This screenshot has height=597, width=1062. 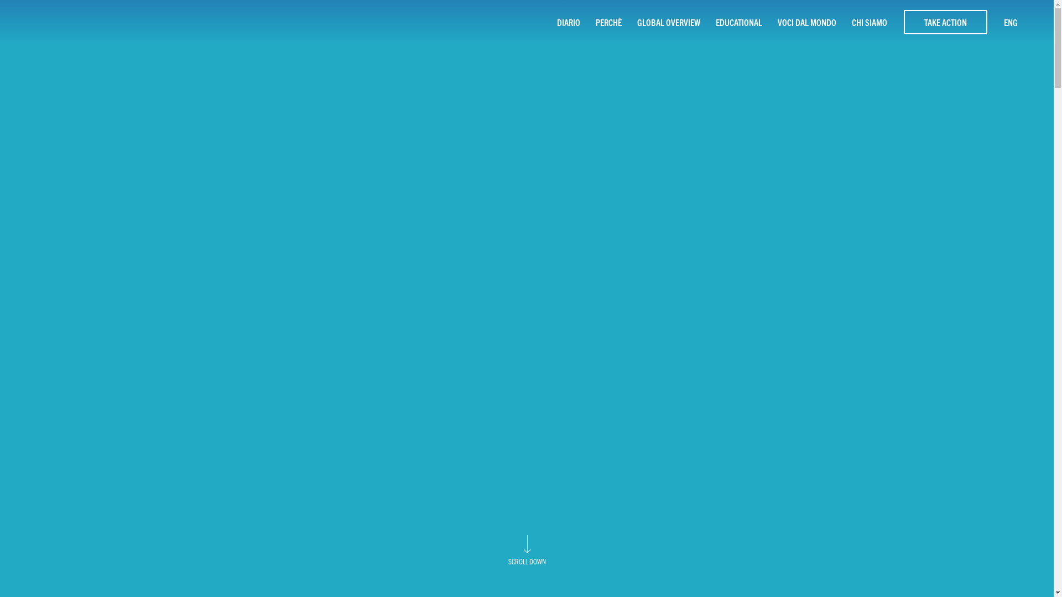 What do you see at coordinates (777, 22) in the screenshot?
I see `'VOCI DAL MONDO'` at bounding box center [777, 22].